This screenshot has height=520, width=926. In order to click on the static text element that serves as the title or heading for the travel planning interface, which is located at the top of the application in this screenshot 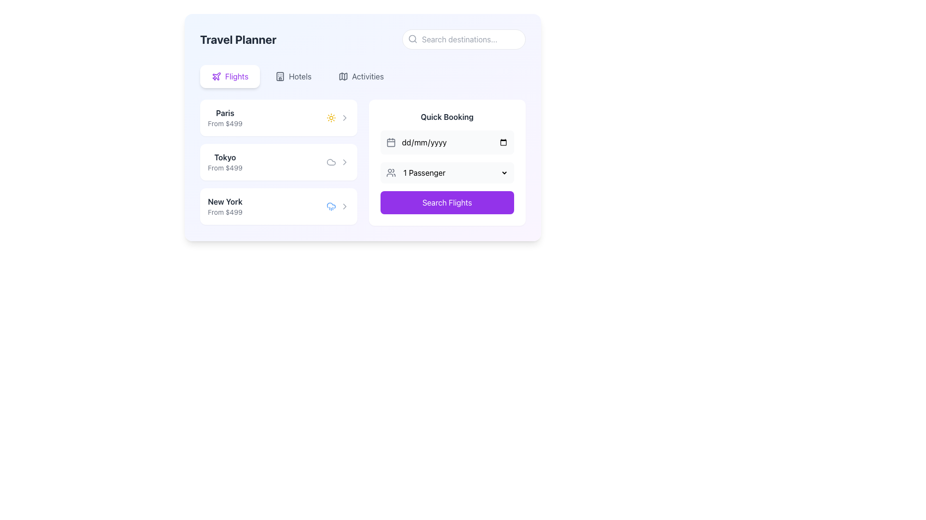, I will do `click(238, 39)`.